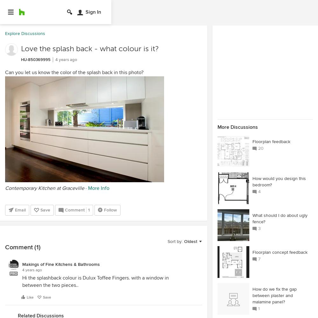 The image size is (318, 318). I want to click on 'Email', so click(20, 210).